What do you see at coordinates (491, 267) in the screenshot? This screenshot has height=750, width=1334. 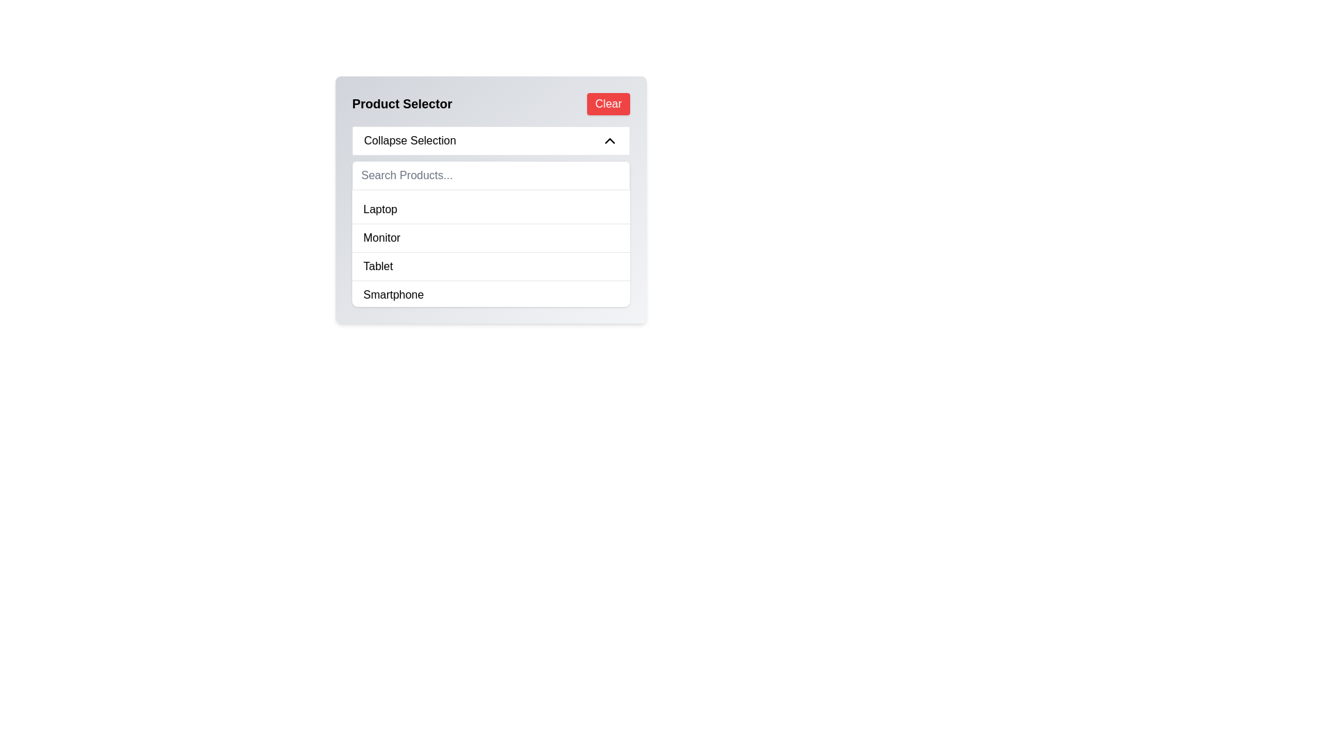 I see `the third list item labeled 'Tablet' in the 'Product Selector' dropdown to observe the hover effect` at bounding box center [491, 267].